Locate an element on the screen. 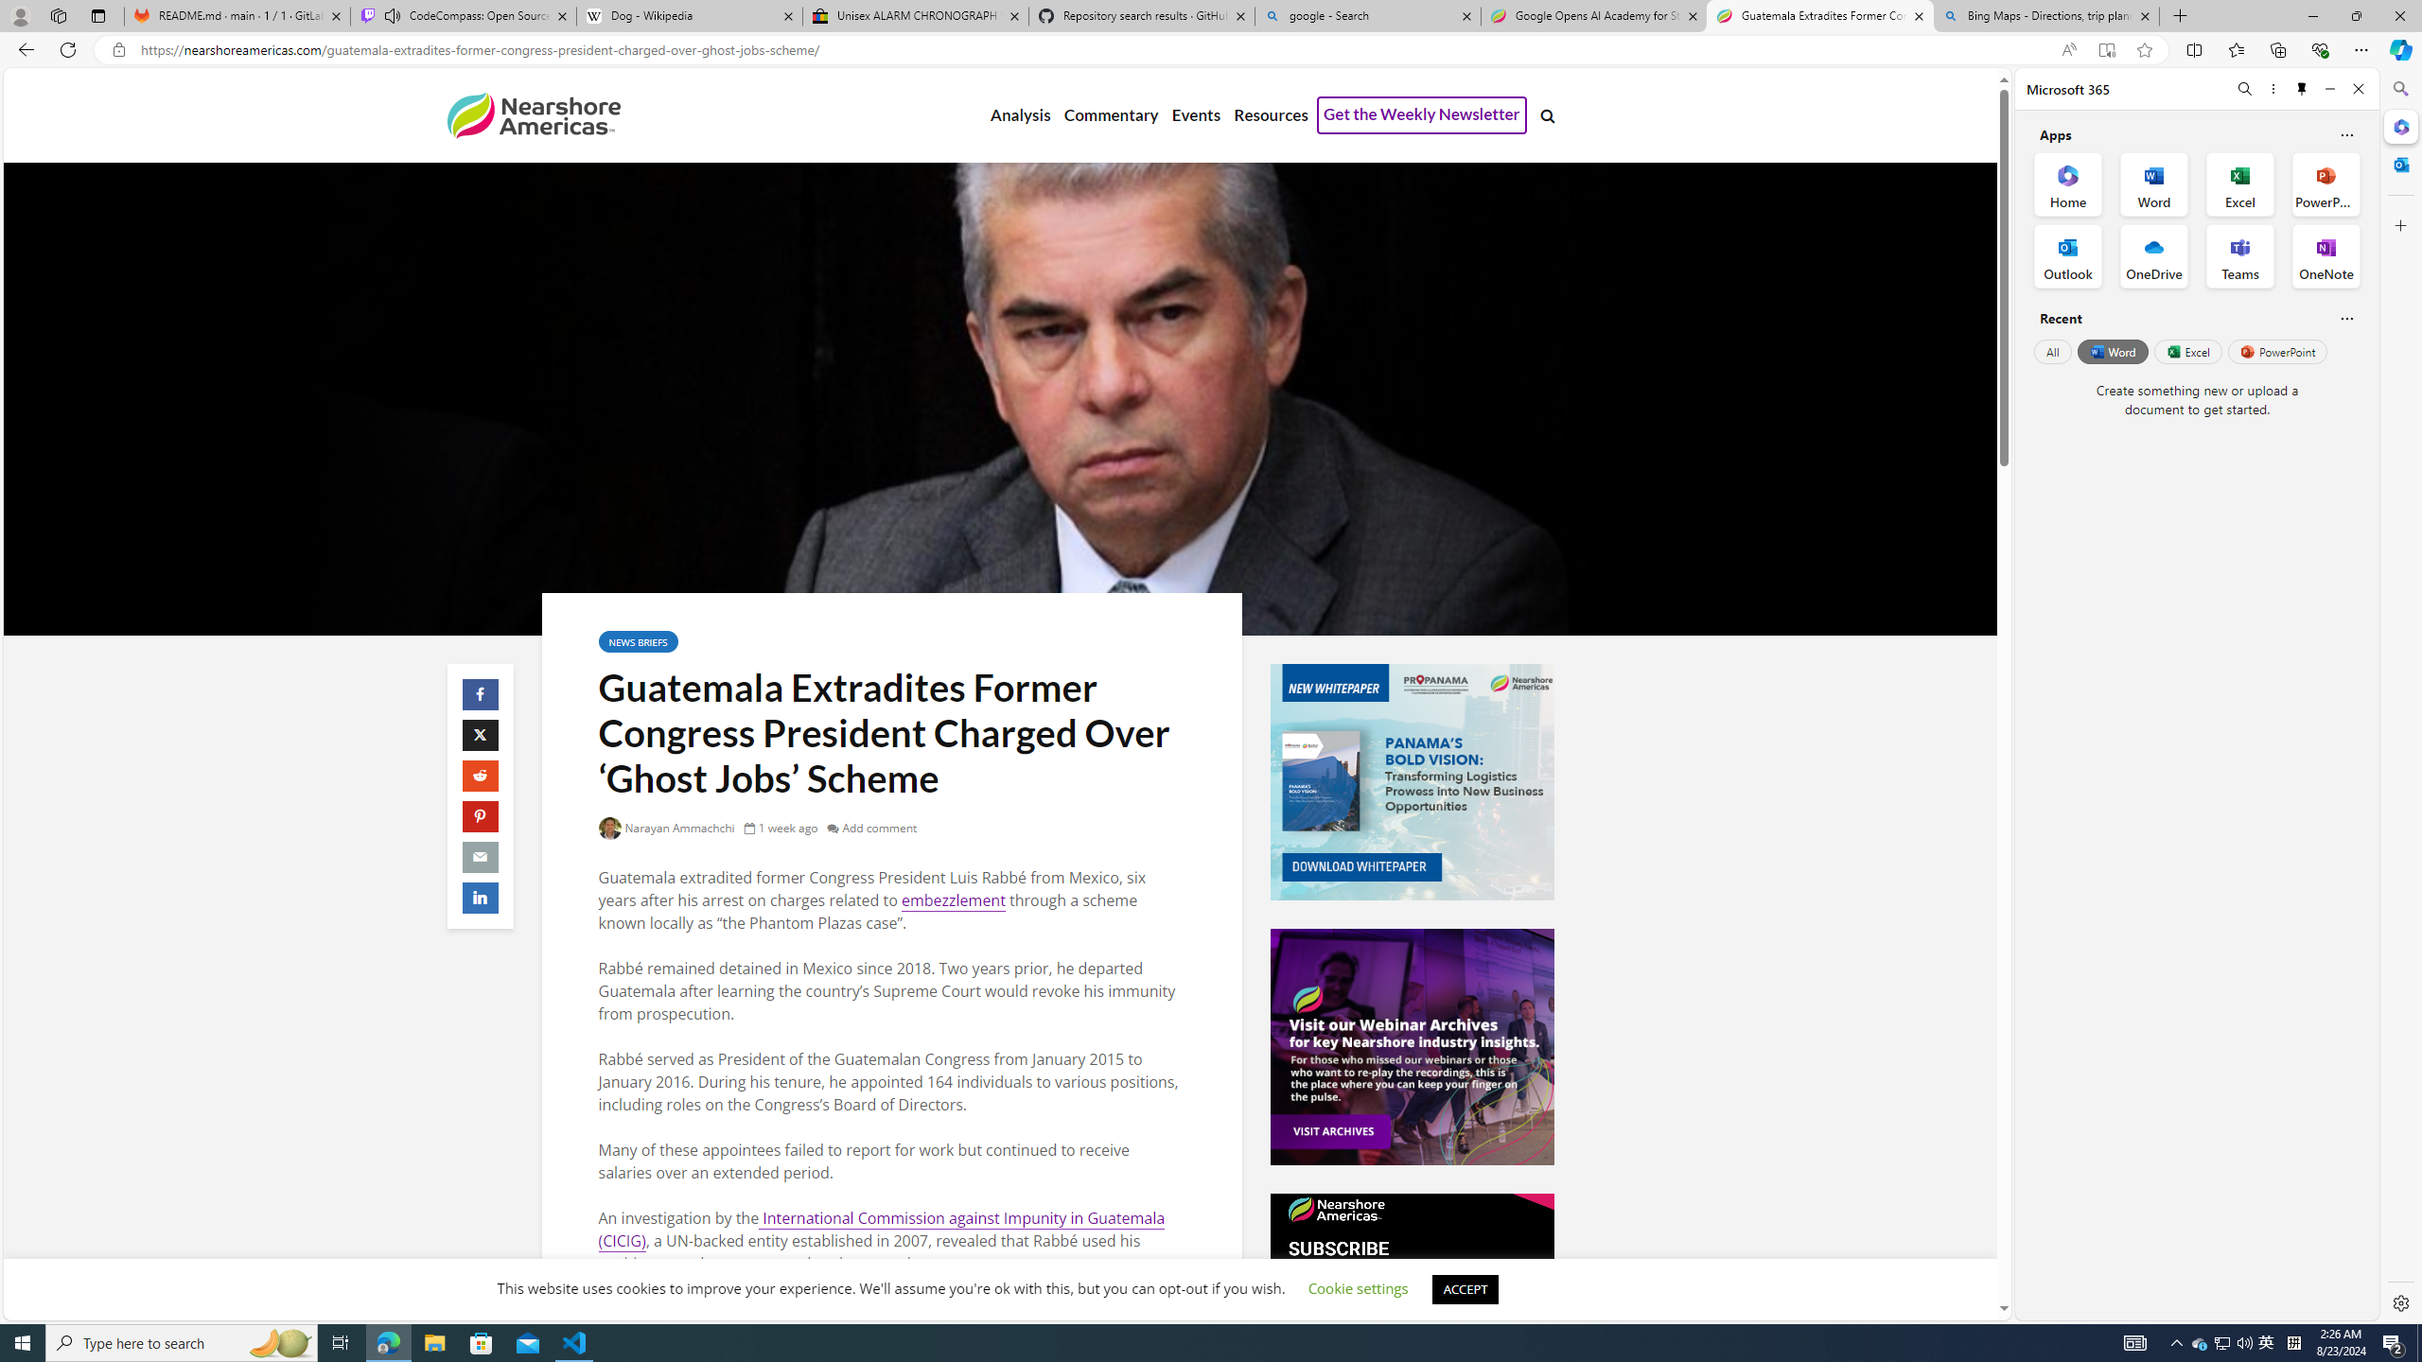  'Is this helpful?' is located at coordinates (2345, 318).